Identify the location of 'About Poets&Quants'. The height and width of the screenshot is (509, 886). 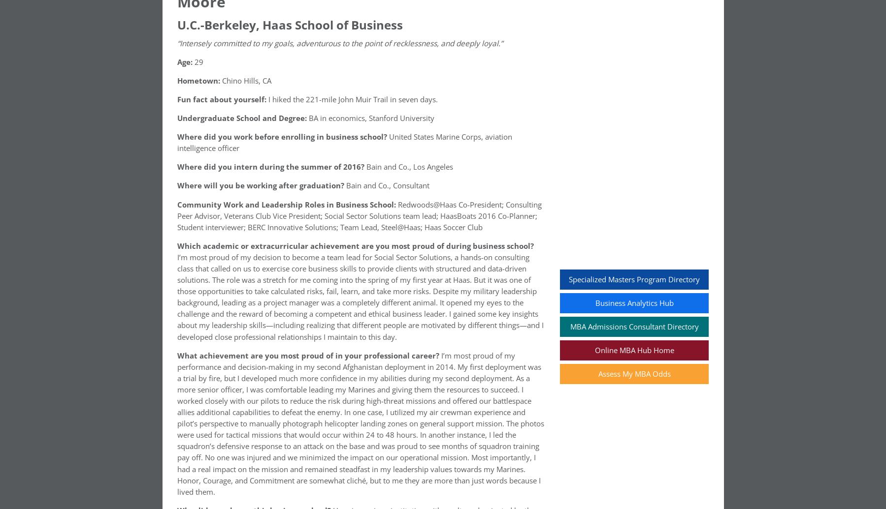
(236, 426).